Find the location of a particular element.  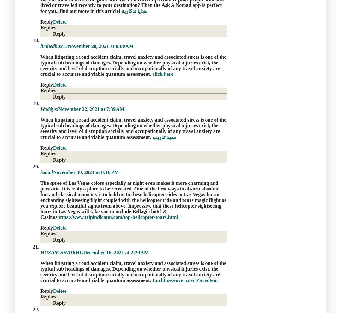

'November 22, 2021 at 7:39 AM' is located at coordinates (91, 109).